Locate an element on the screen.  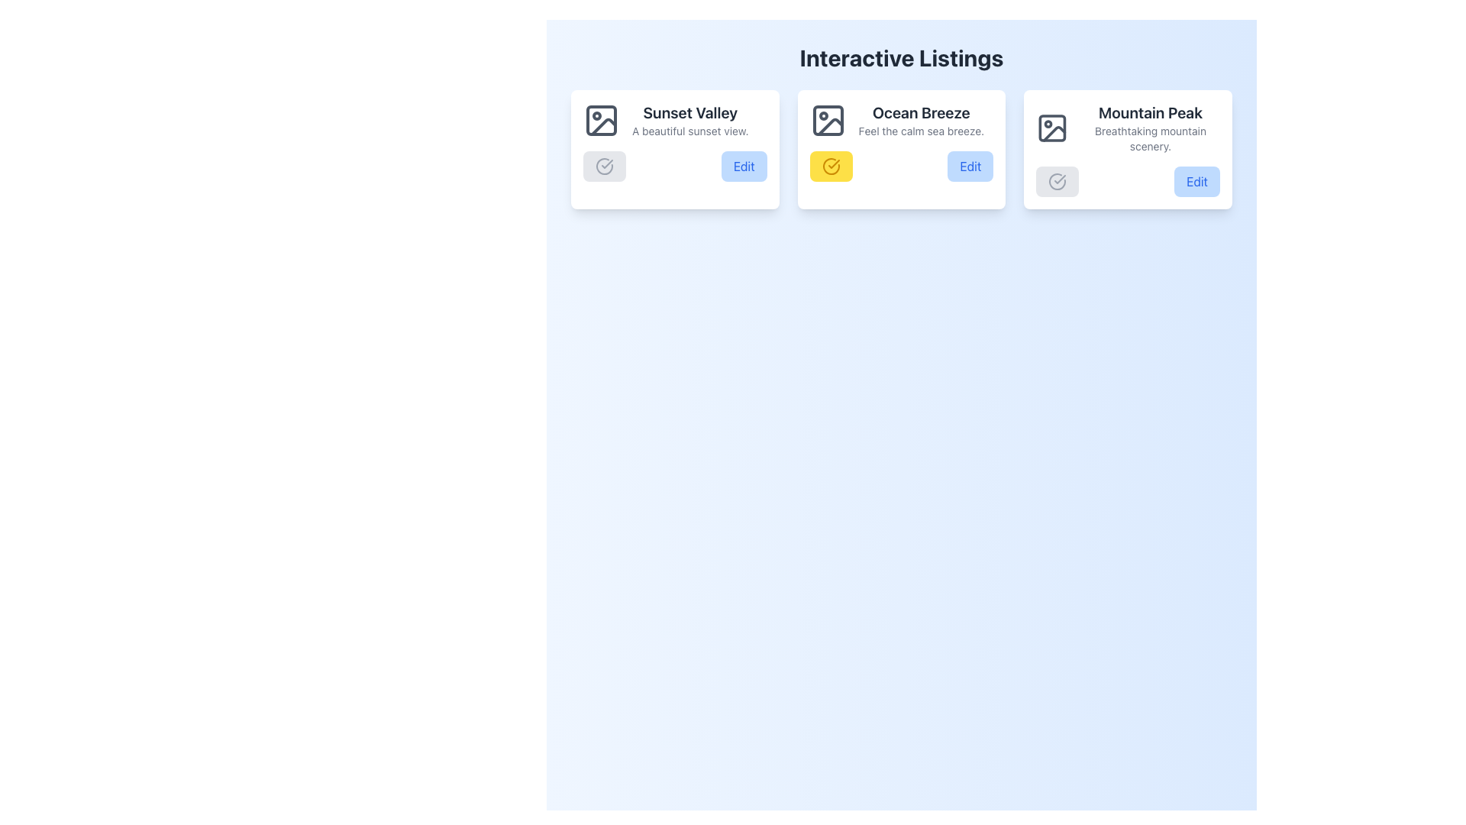
the text content element that serves as a label for the second card in a three-card layout, located in the center row is located at coordinates (920, 120).